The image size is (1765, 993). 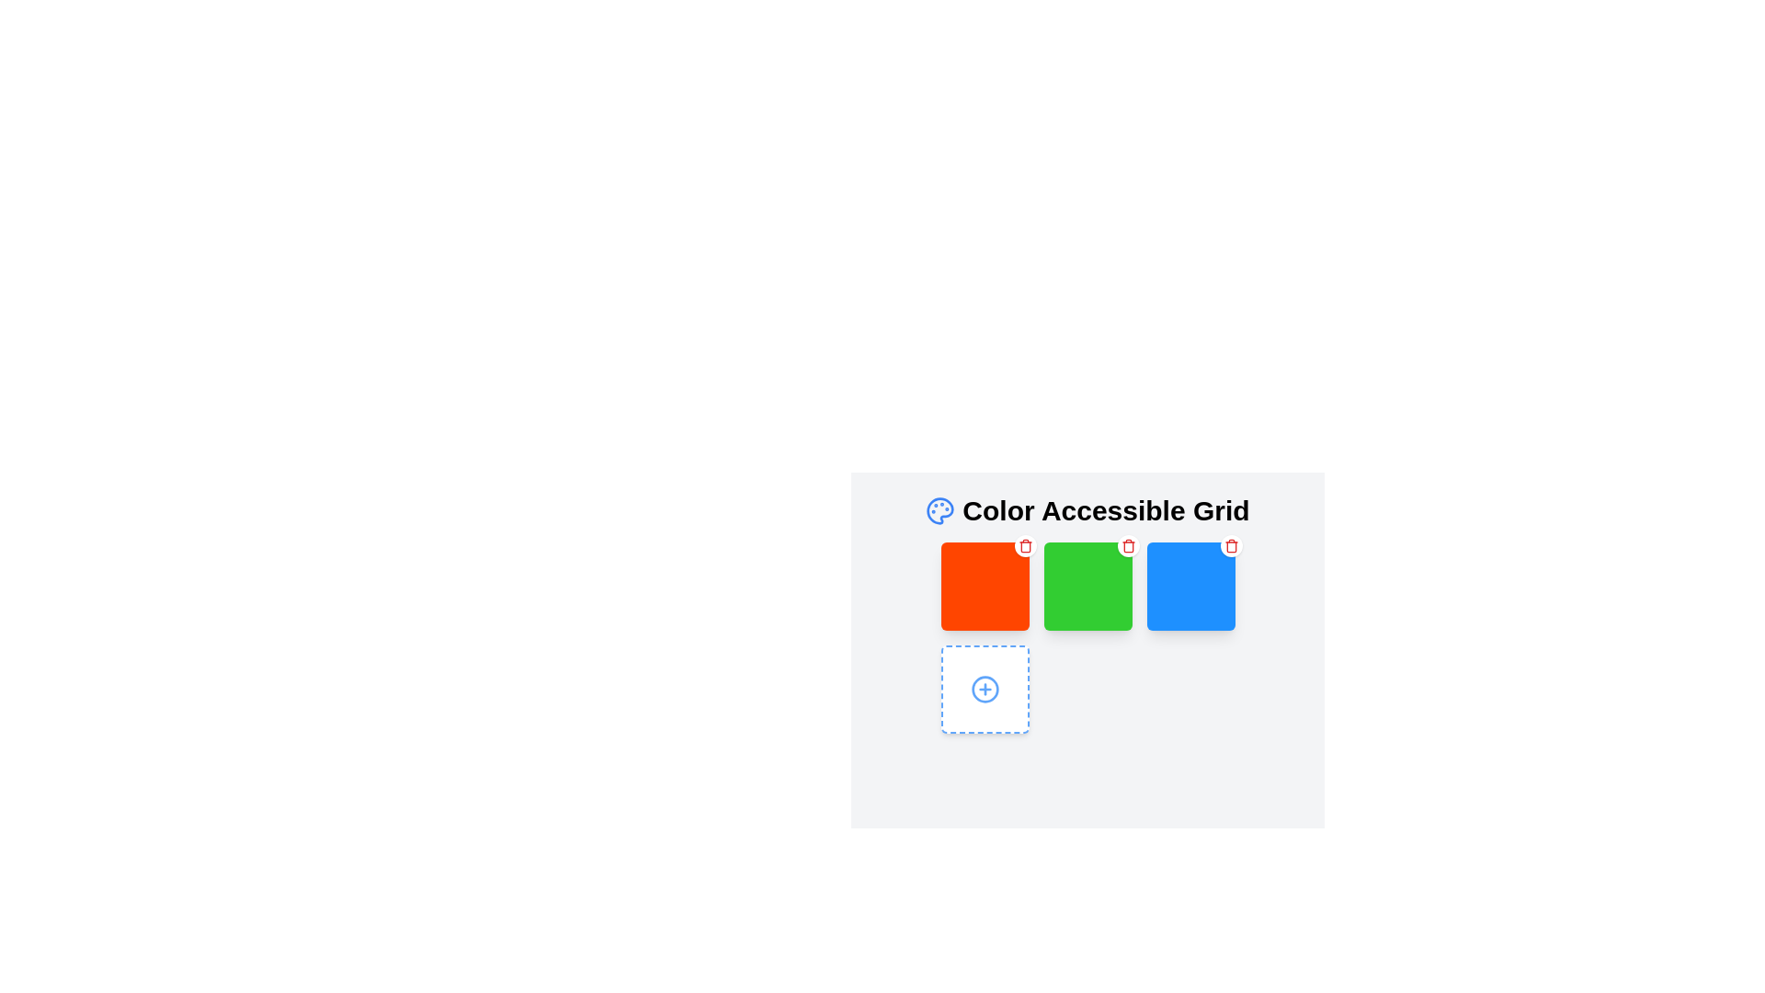 I want to click on the red trash icon button located at the top-right corner of the blue square in the 'Color Accessible Grid', so click(x=1231, y=545).